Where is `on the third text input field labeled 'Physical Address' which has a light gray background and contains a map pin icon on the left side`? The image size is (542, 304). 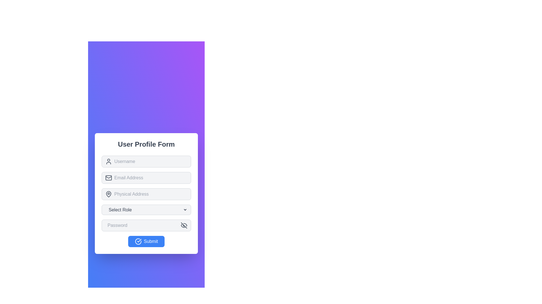
on the third text input field labeled 'Physical Address' which has a light gray background and contains a map pin icon on the left side is located at coordinates (146, 194).